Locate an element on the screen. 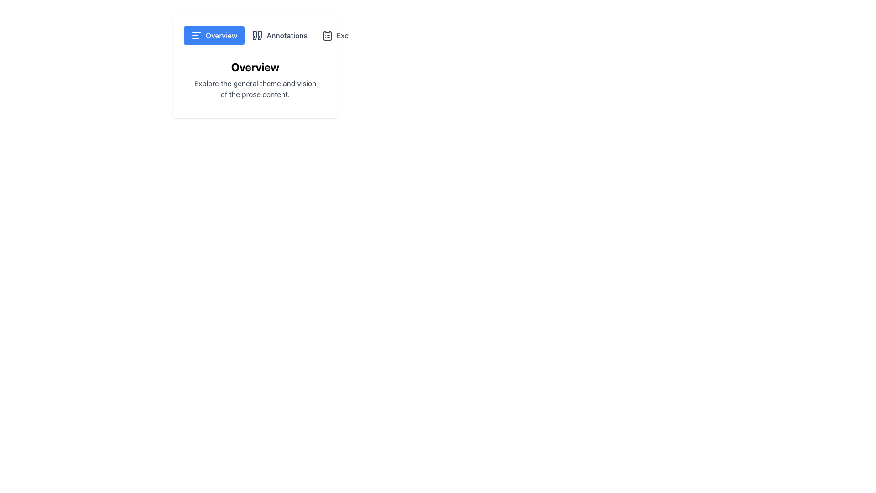 Image resolution: width=876 pixels, height=493 pixels. the static text element that provides an informative description related to the 'Overview' title, positioned directly below it is located at coordinates (255, 89).